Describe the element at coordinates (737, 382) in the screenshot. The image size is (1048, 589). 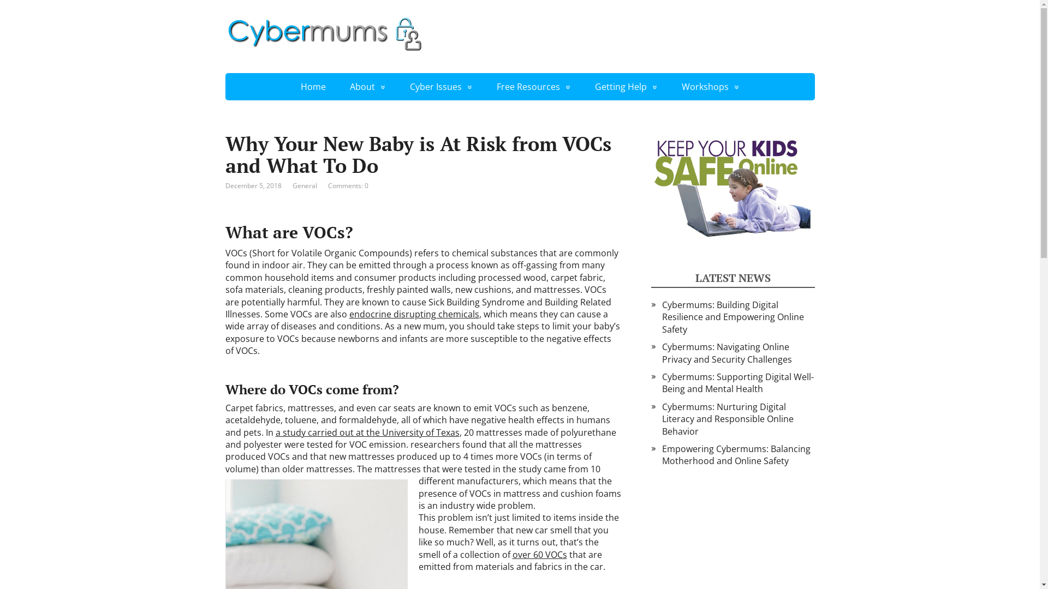
I see `'Cybermums: Supporting Digital Well-Being and Mental Health'` at that location.